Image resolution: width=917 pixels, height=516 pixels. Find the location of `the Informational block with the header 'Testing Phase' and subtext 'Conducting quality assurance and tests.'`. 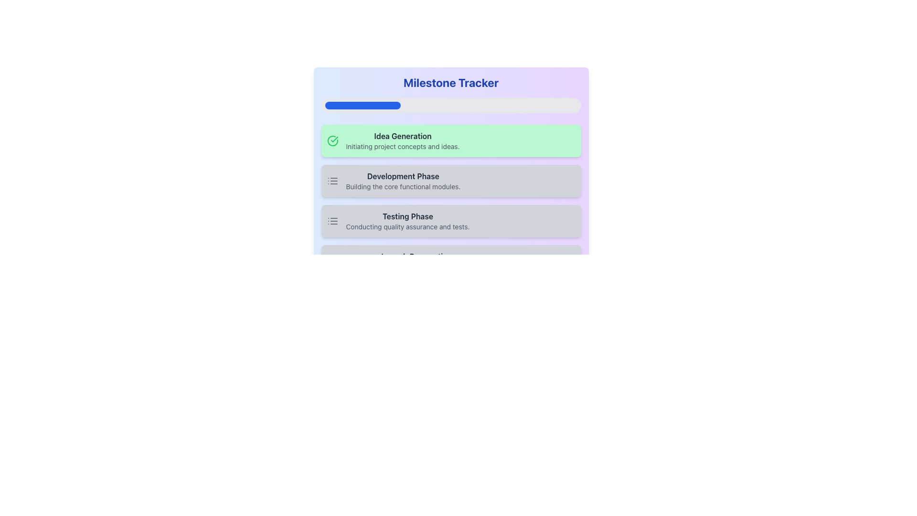

the Informational block with the header 'Testing Phase' and subtext 'Conducting quality assurance and tests.' is located at coordinates (450, 221).